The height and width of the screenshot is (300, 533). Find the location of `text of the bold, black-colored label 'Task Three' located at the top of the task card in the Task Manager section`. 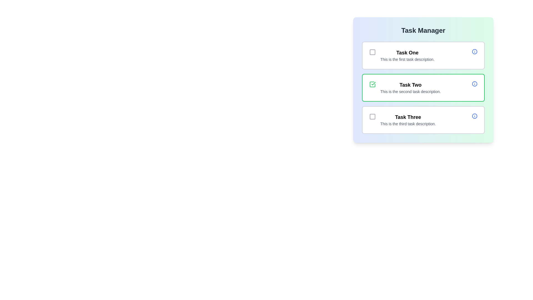

text of the bold, black-colored label 'Task Three' located at the top of the task card in the Task Manager section is located at coordinates (408, 117).